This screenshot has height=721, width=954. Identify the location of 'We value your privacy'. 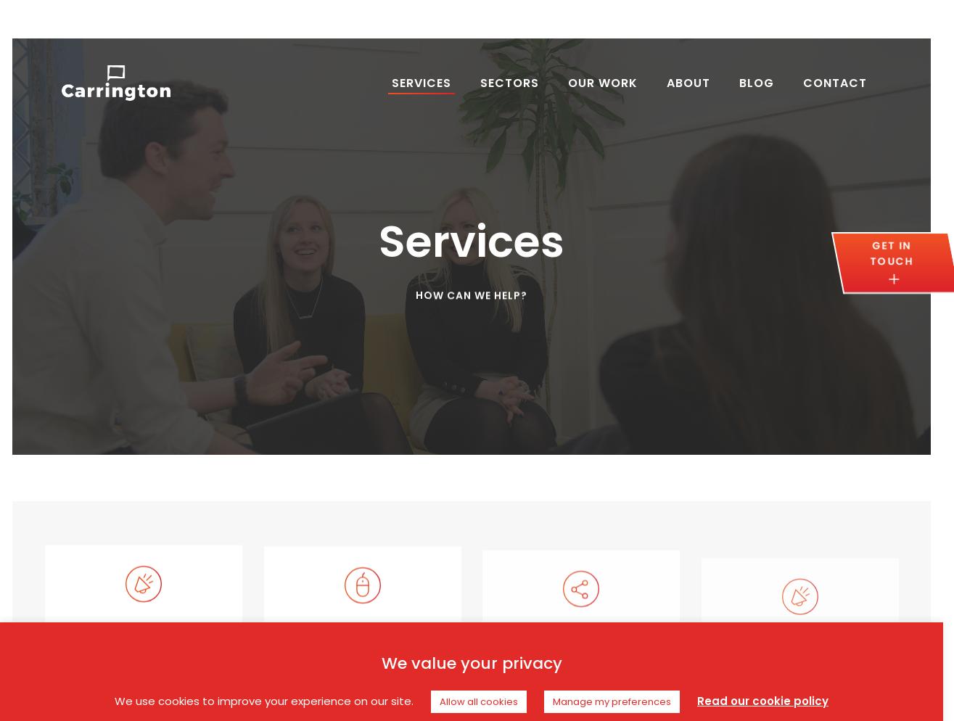
(471, 662).